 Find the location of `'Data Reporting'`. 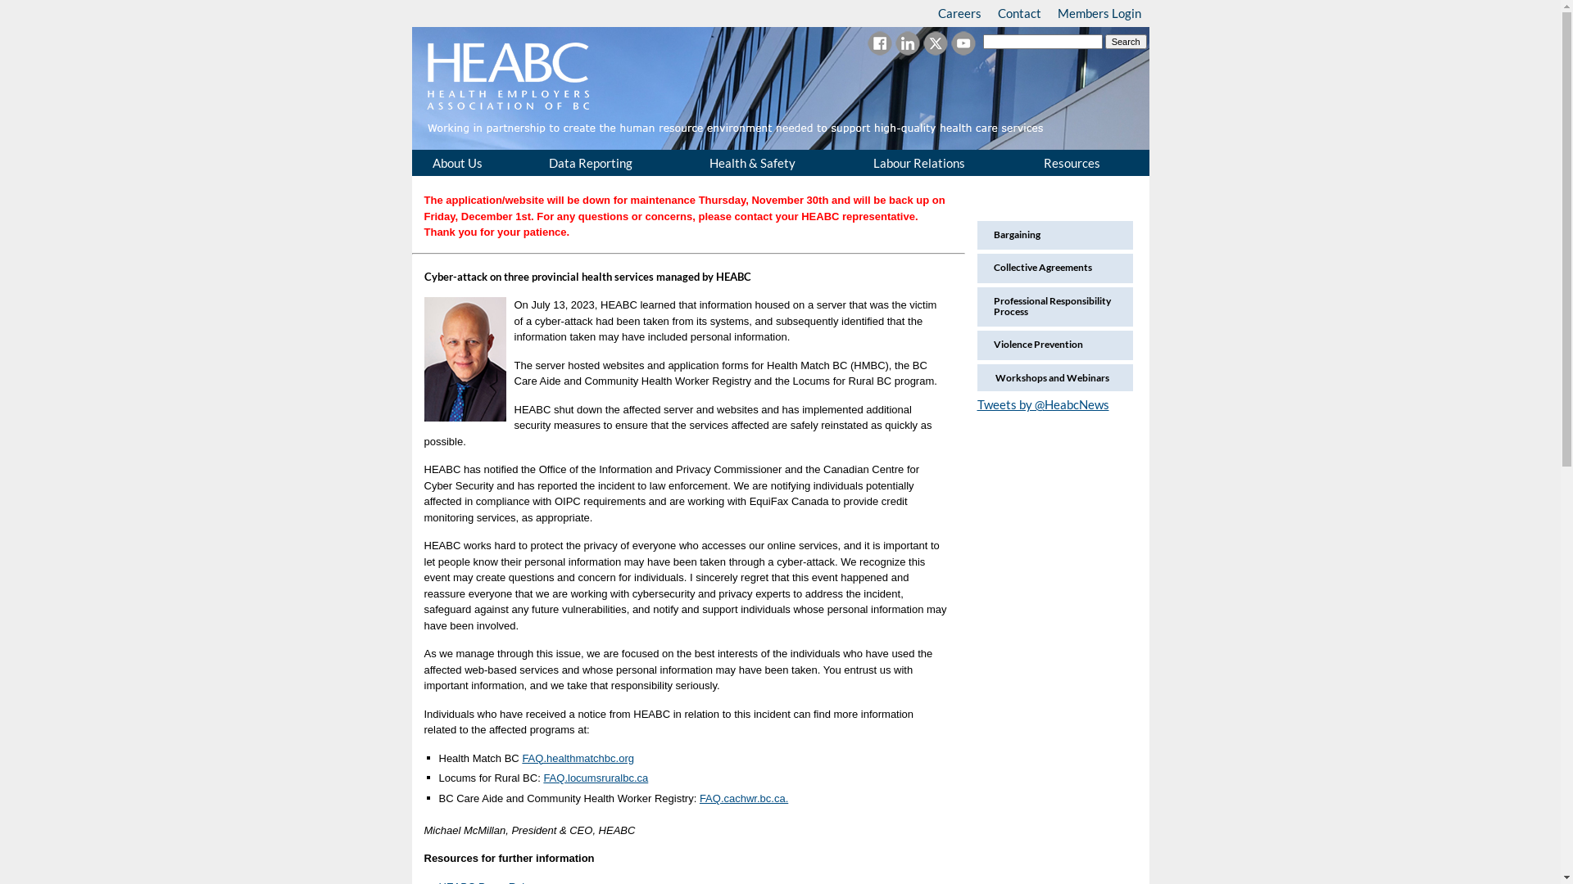

'Data Reporting' is located at coordinates (608, 162).